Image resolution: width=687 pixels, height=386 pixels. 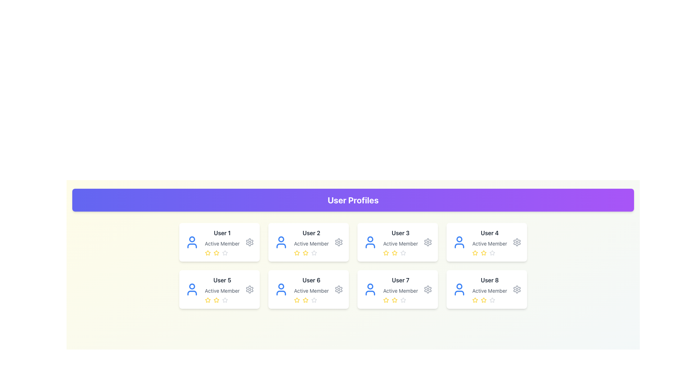 What do you see at coordinates (459, 289) in the screenshot?
I see `the blue user icon representing 'User 8', which is located in the top-left corner of the card in the last column of the second row in the user profiles grid` at bounding box center [459, 289].